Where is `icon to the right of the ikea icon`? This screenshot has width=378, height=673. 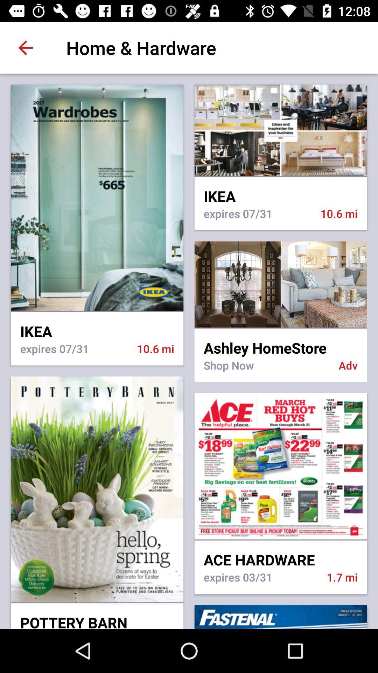 icon to the right of the ikea icon is located at coordinates (280, 343).